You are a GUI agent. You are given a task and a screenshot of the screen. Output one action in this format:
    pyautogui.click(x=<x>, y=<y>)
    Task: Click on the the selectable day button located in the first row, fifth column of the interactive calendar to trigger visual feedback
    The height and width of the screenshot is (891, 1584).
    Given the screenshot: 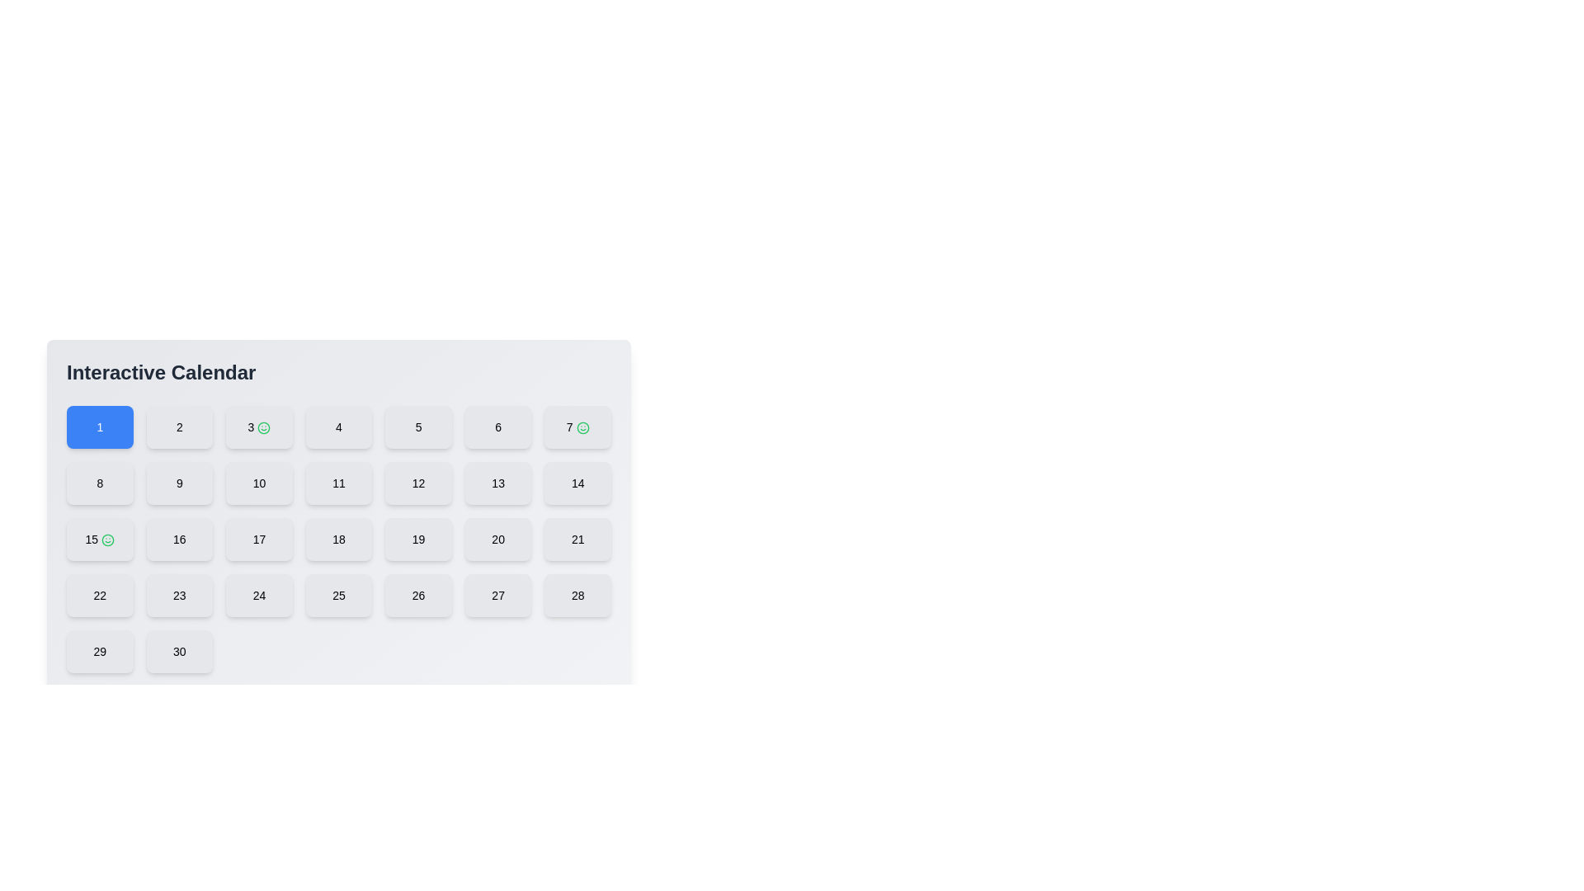 What is the action you would take?
    pyautogui.click(x=418, y=426)
    